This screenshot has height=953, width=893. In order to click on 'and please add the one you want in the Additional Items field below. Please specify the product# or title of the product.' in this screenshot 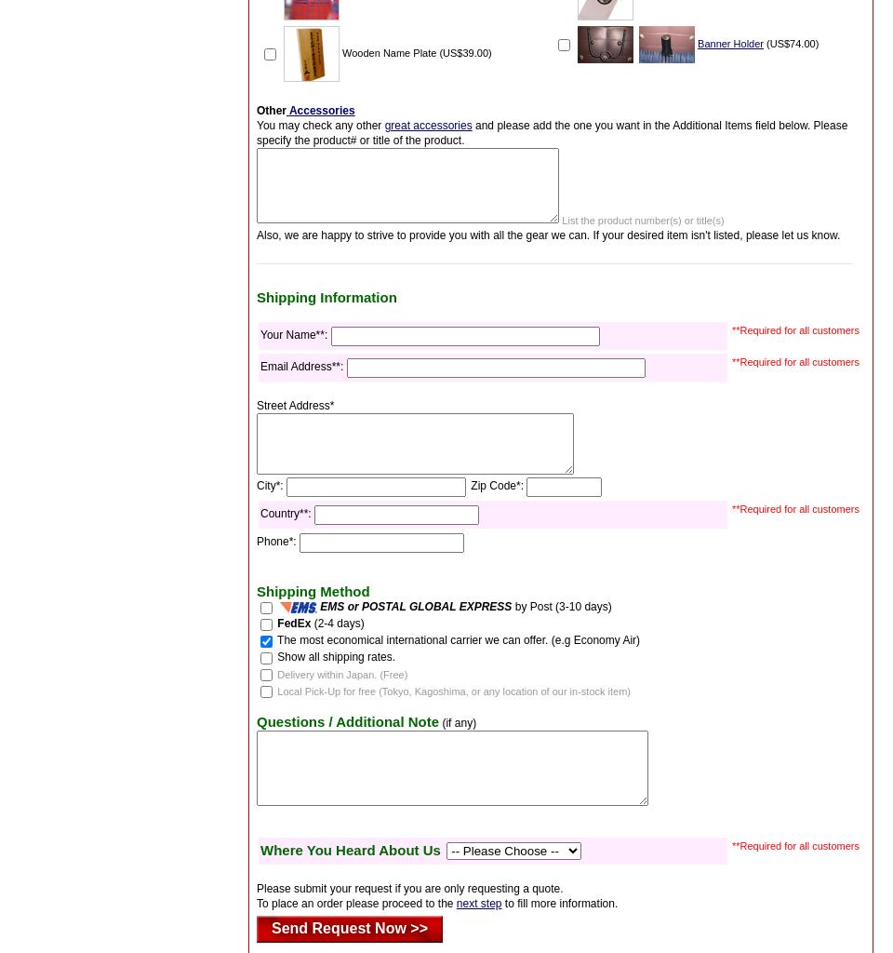, I will do `click(552, 131)`.